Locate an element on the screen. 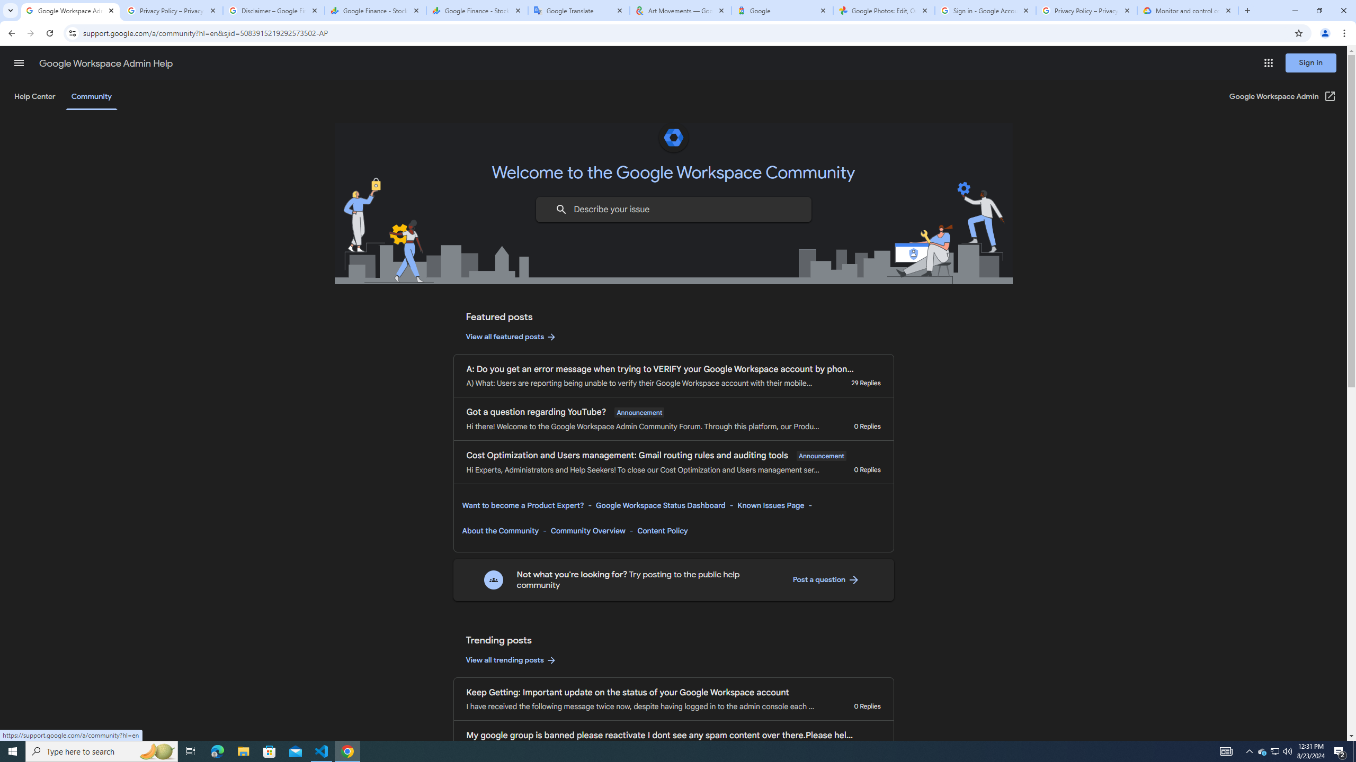 The width and height of the screenshot is (1356, 762). 'Help Center' is located at coordinates (34, 96).